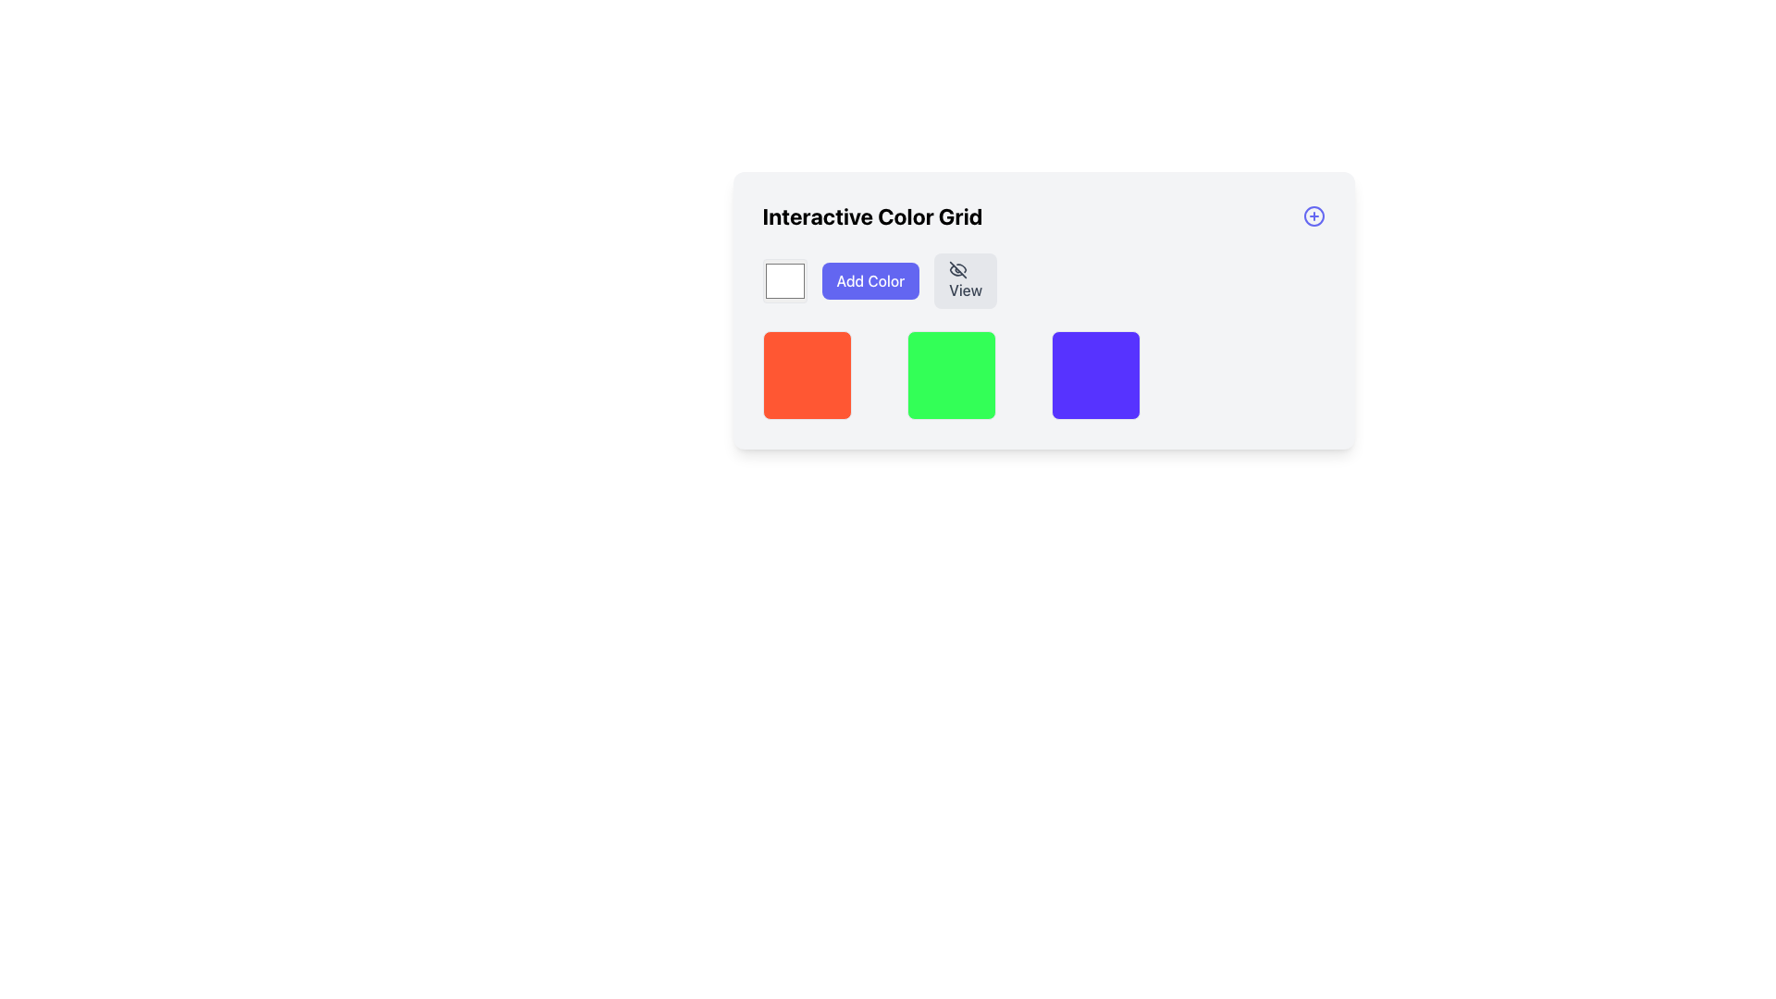 This screenshot has height=999, width=1776. What do you see at coordinates (965, 281) in the screenshot?
I see `the button located beneath the title 'Interactive Color Grid', which is positioned to the right of the 'Add Color' button and to the left of three colored square items` at bounding box center [965, 281].